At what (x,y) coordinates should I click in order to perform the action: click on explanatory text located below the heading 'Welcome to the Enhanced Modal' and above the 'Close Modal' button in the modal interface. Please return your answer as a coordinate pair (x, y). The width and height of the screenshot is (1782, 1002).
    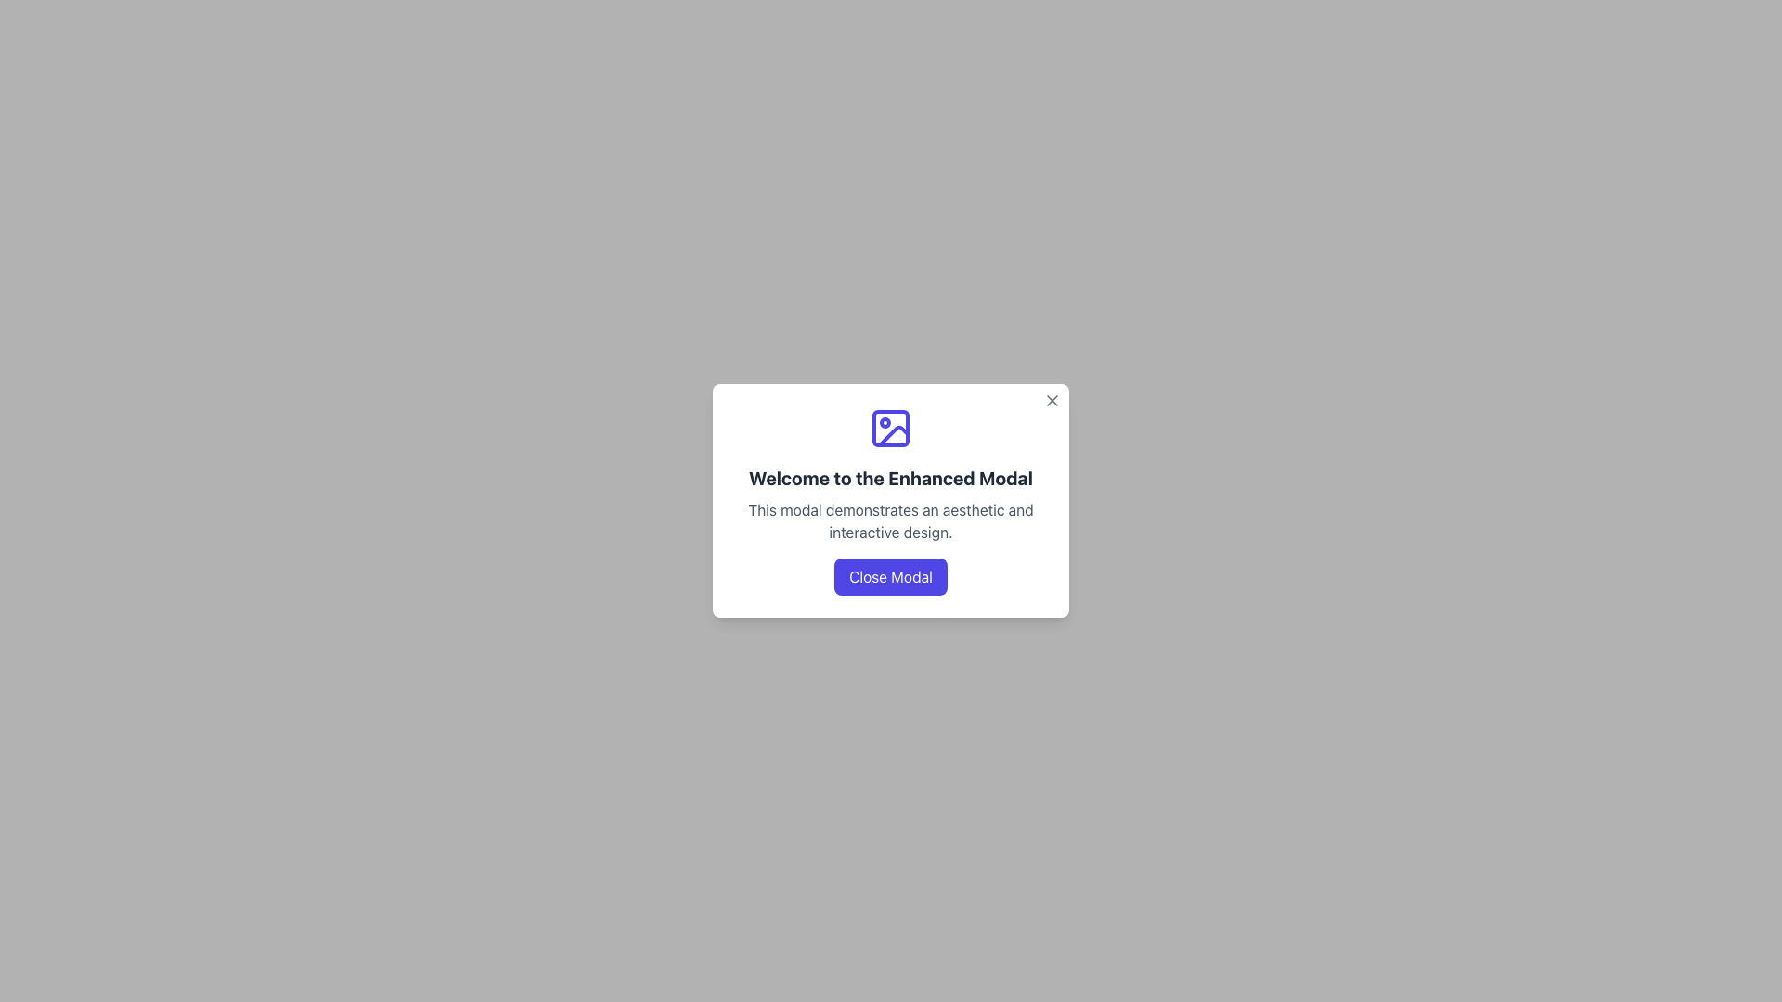
    Looking at the image, I should click on (891, 521).